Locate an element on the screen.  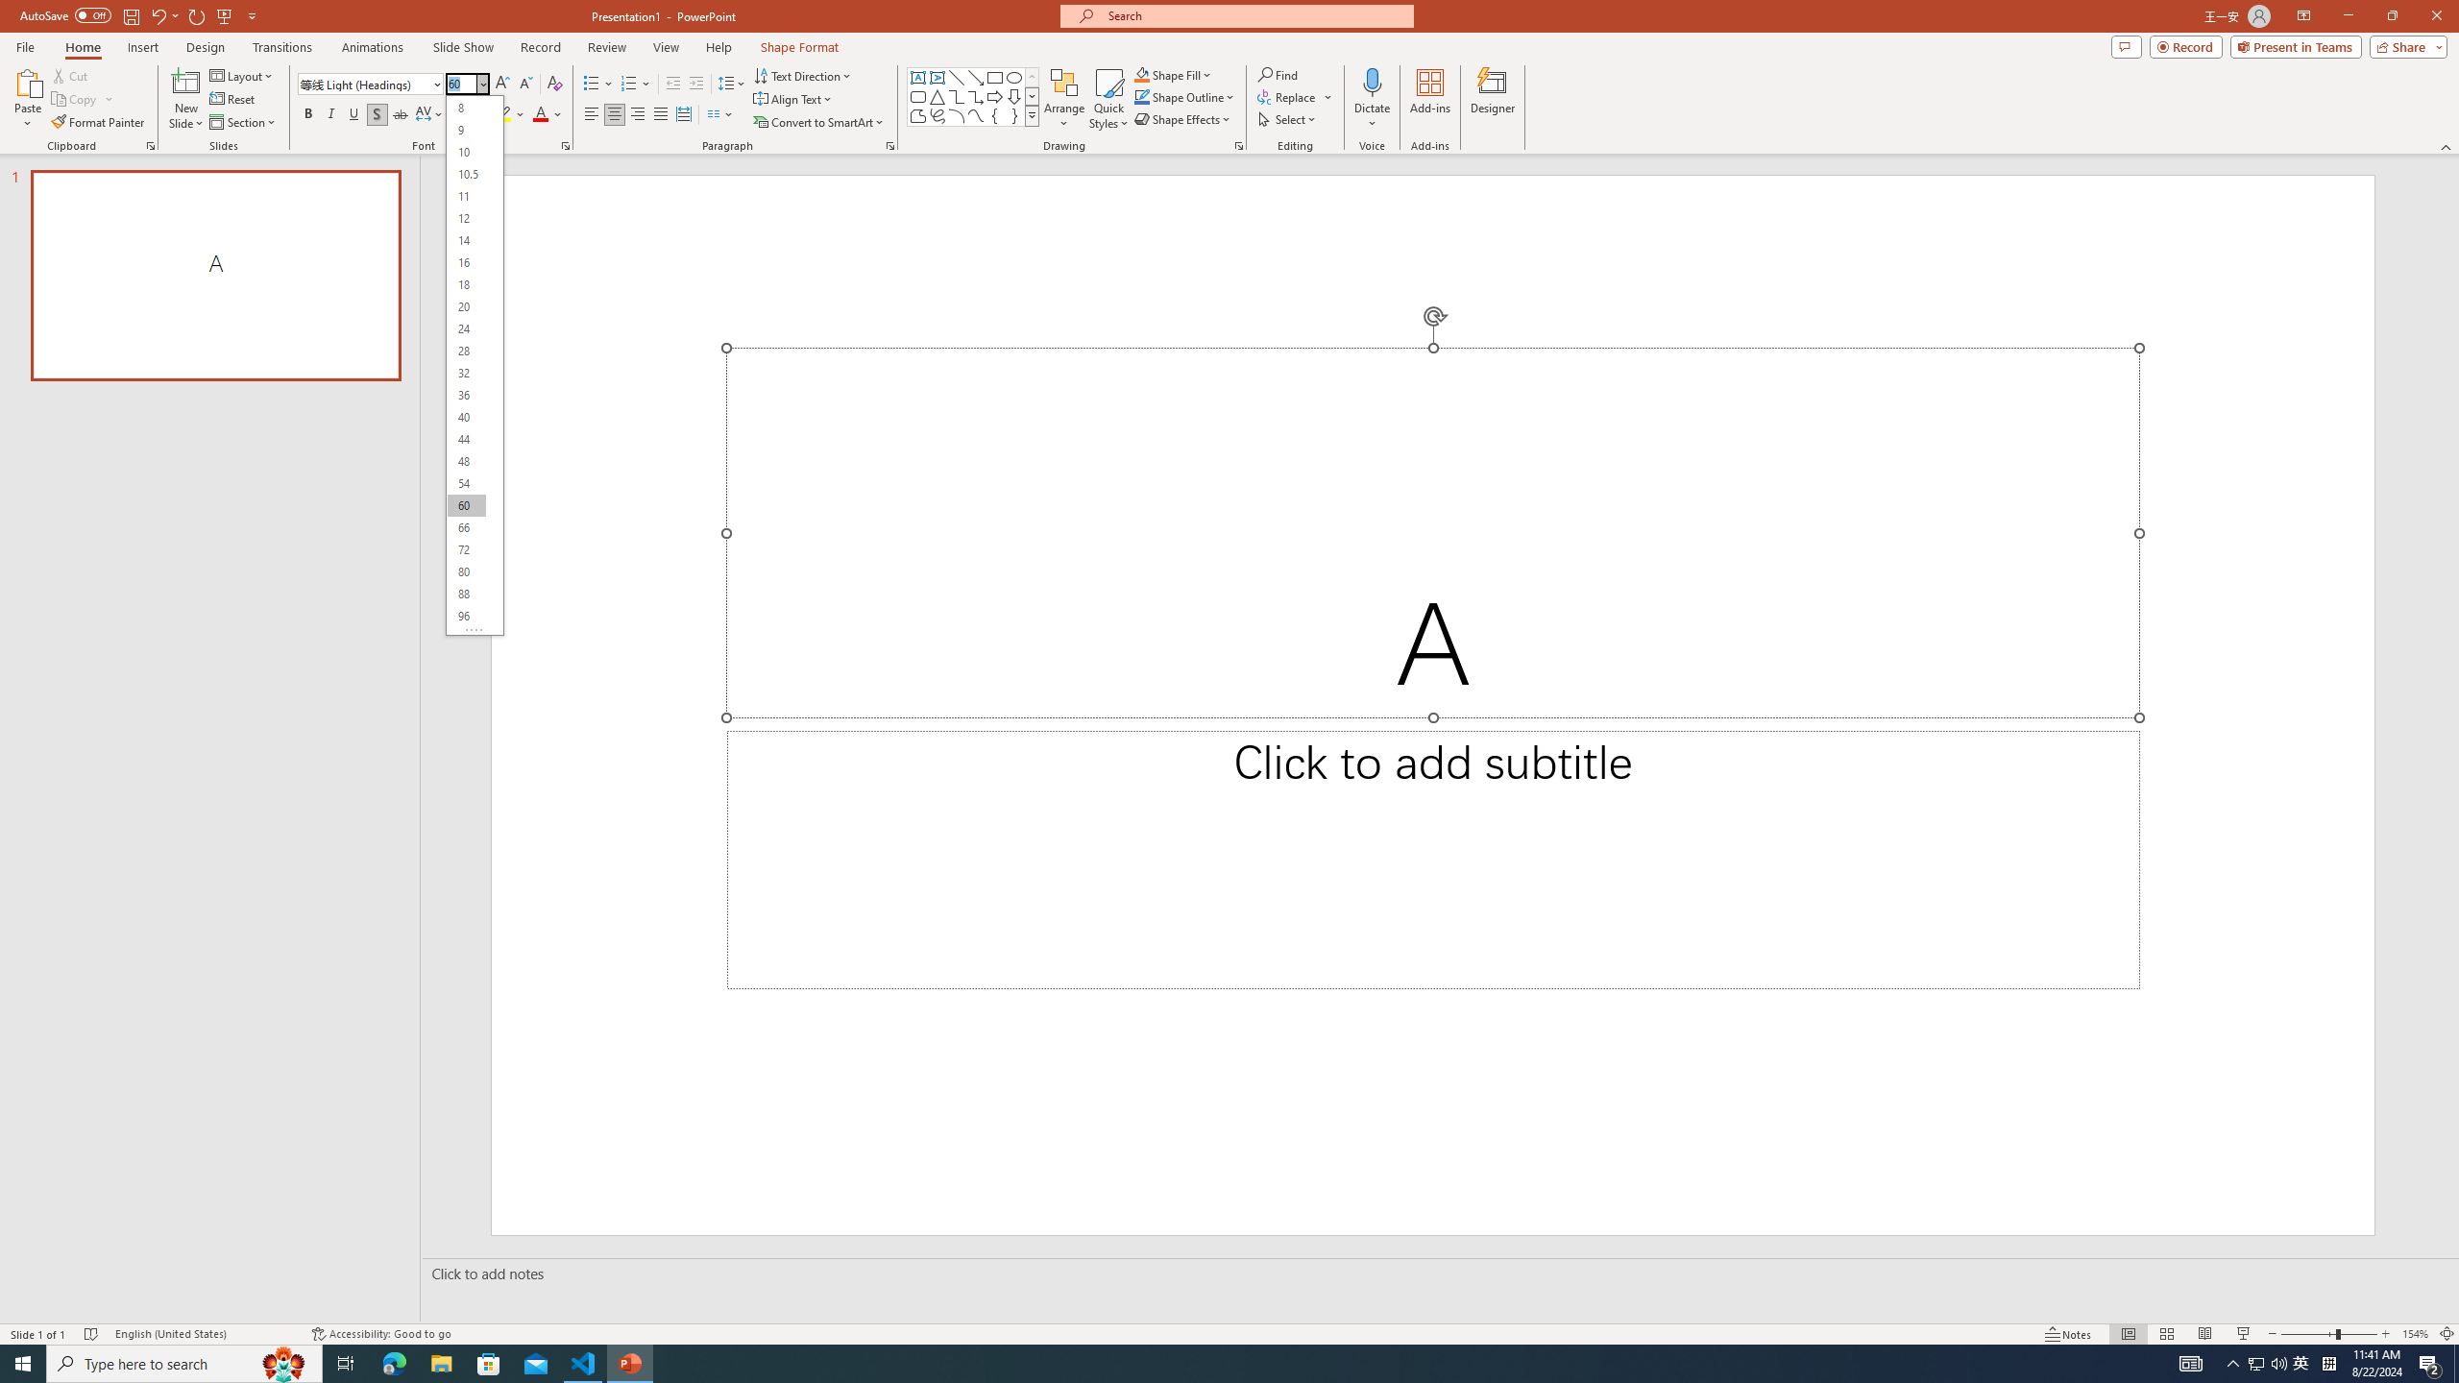
'20' is located at coordinates (466, 305).